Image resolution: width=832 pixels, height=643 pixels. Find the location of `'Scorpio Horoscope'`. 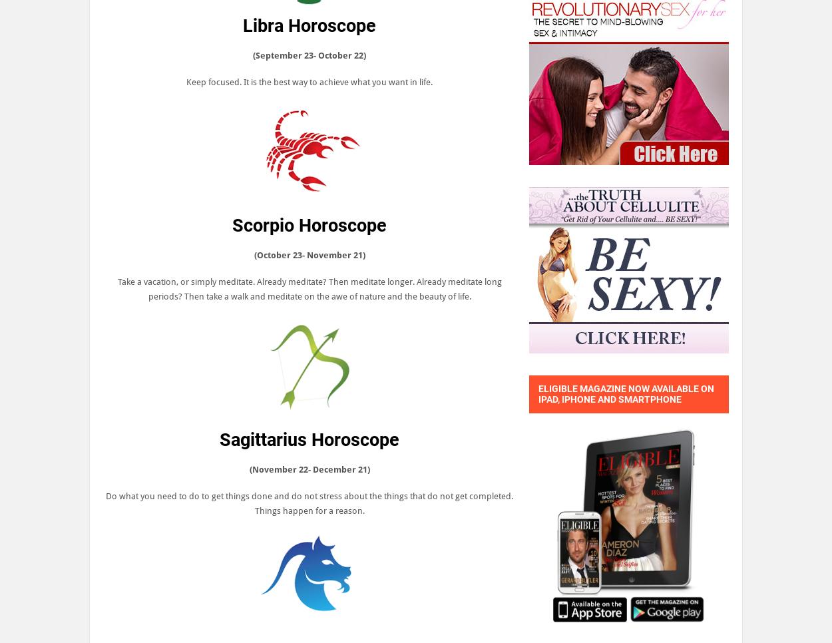

'Scorpio Horoscope' is located at coordinates (232, 225).